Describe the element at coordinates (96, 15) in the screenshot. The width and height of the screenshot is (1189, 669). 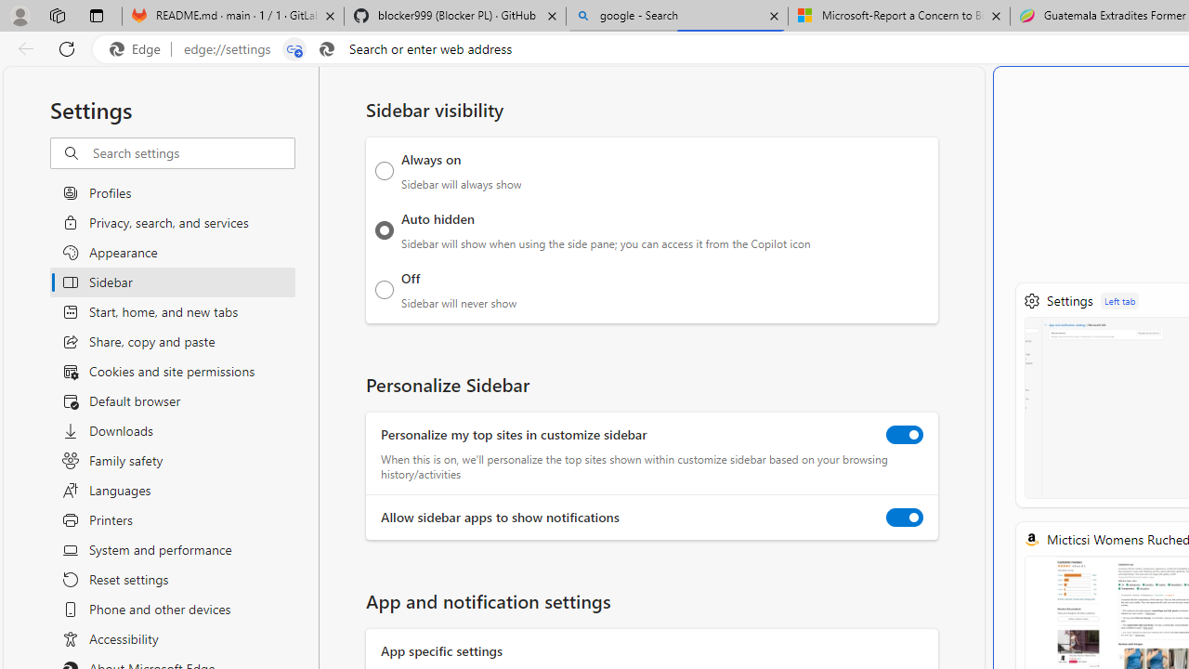
I see `'Tab actions menu'` at that location.